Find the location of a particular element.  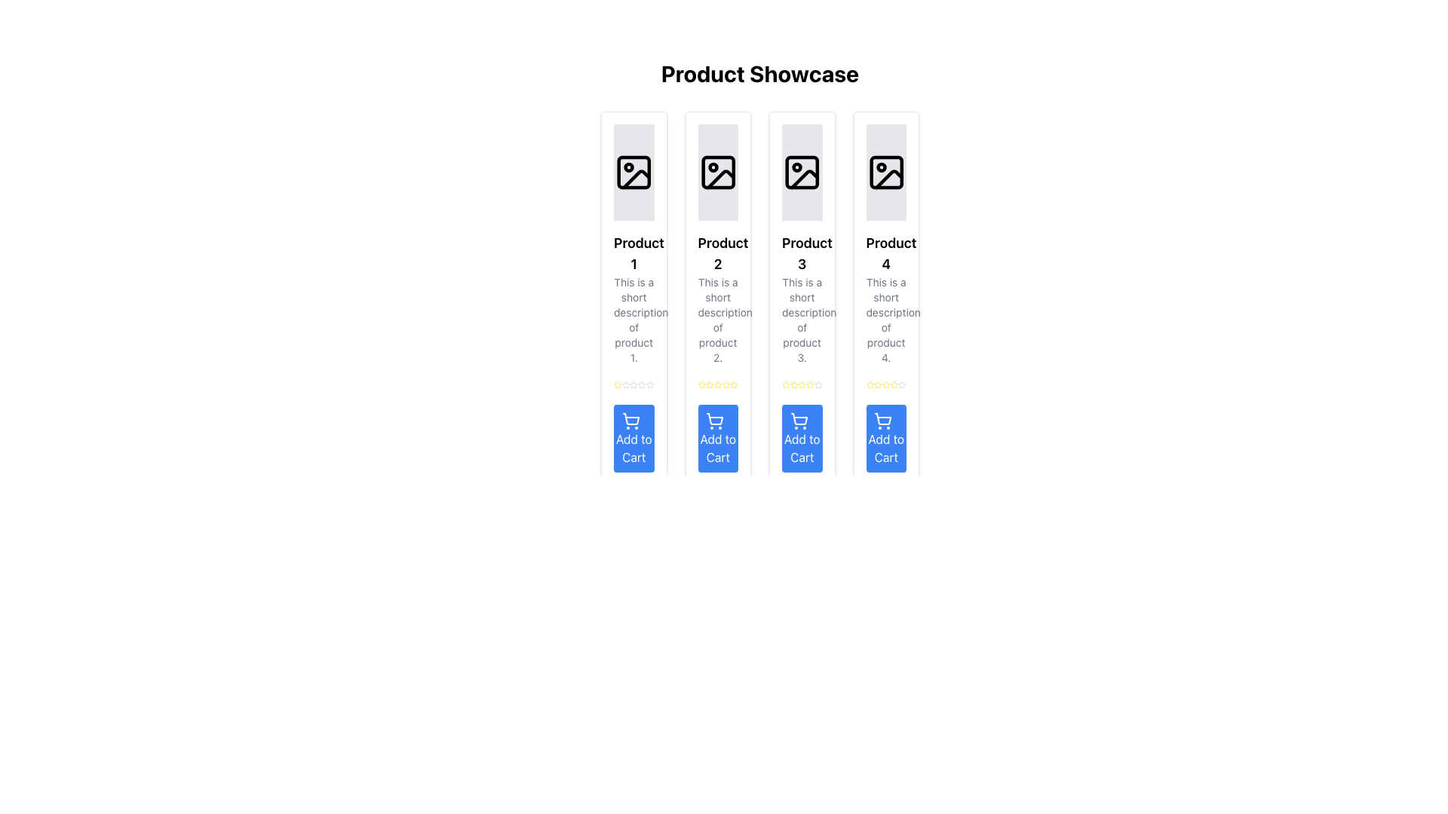

the Circle shape within the SVG graphic that serves as a decorative element in the photo placeholder icon of 'Product 1' in the product showcase grid is located at coordinates (629, 167).